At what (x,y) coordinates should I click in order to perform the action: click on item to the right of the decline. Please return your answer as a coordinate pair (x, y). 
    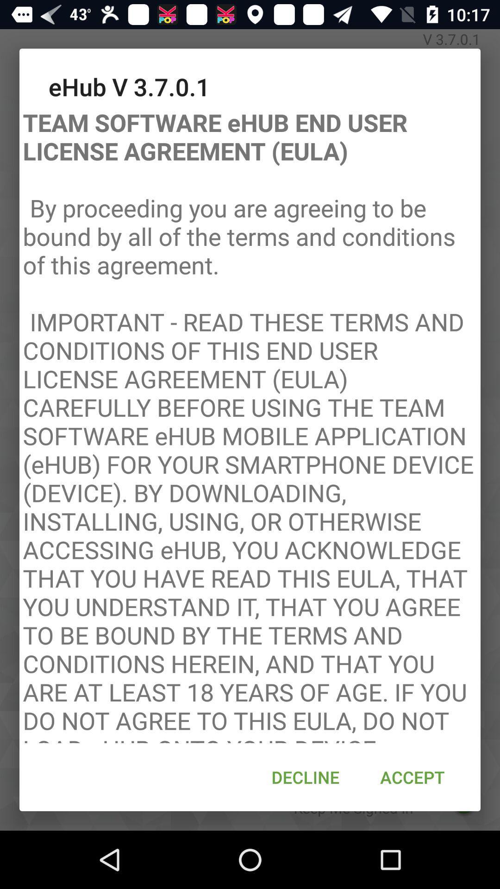
    Looking at the image, I should click on (412, 777).